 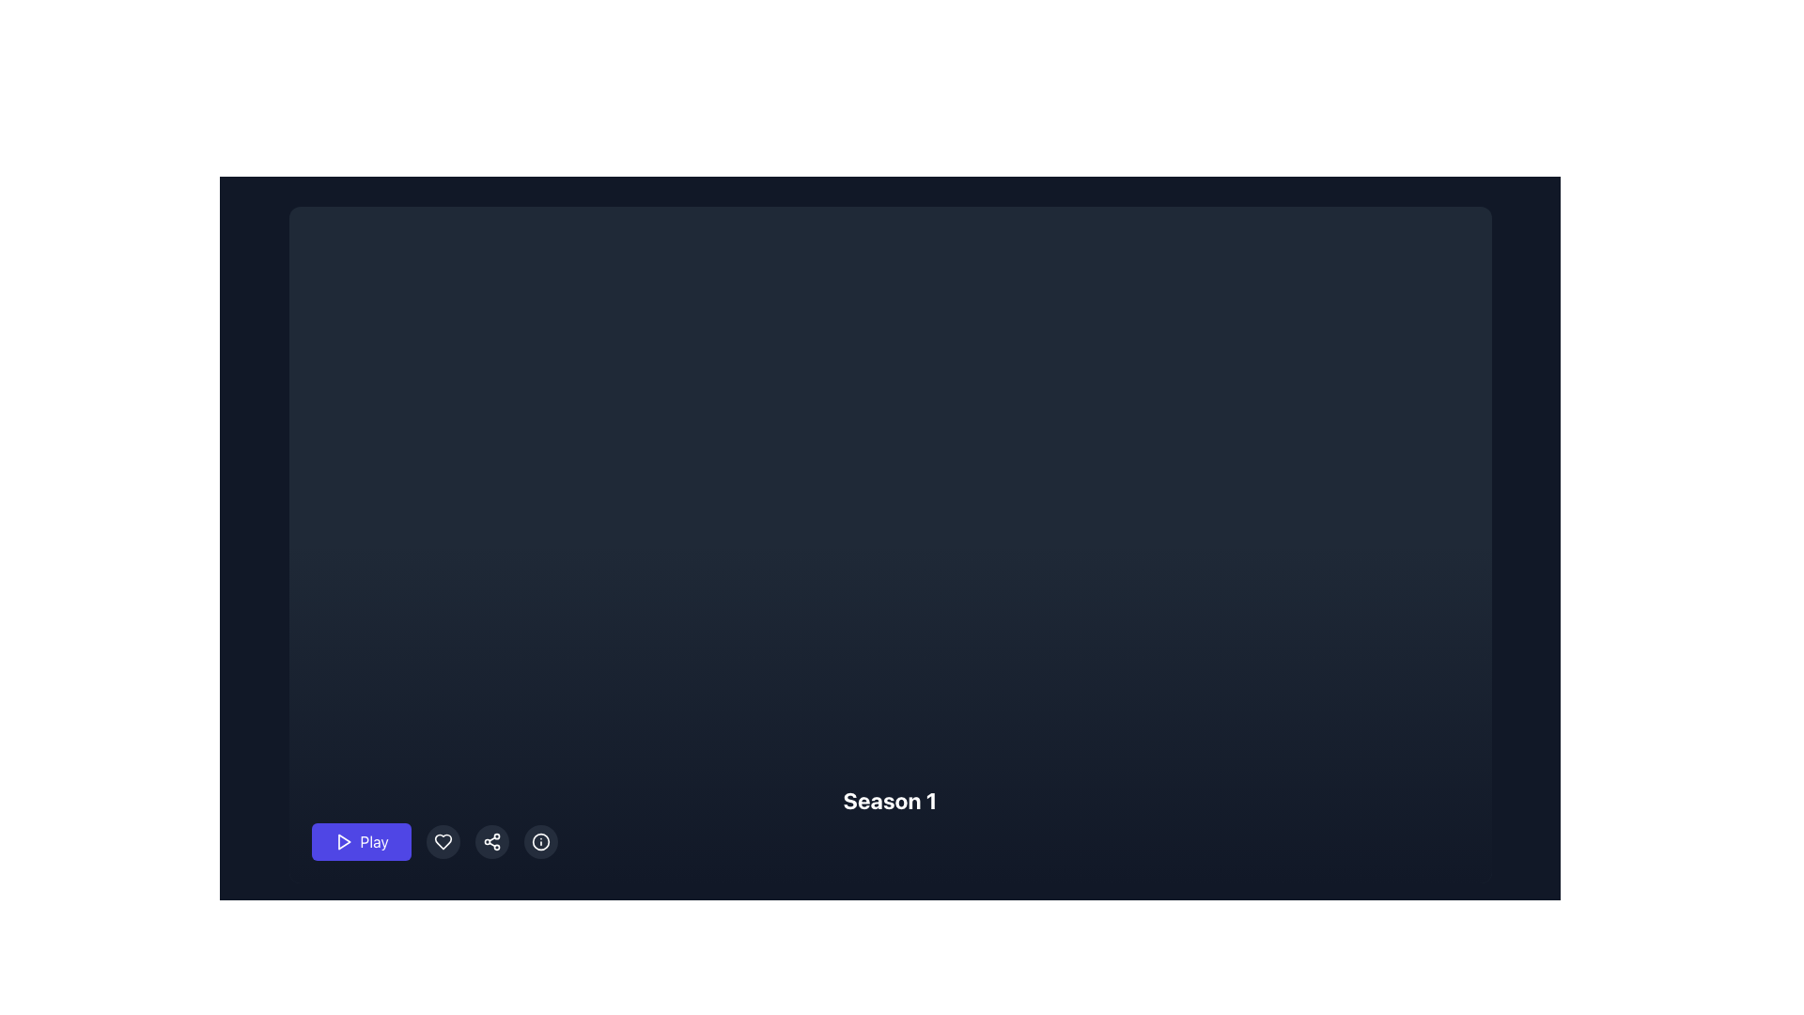 What do you see at coordinates (343, 840) in the screenshot?
I see `the 'Play' button which contains a triangular play icon outlined in white on a dark blue background` at bounding box center [343, 840].